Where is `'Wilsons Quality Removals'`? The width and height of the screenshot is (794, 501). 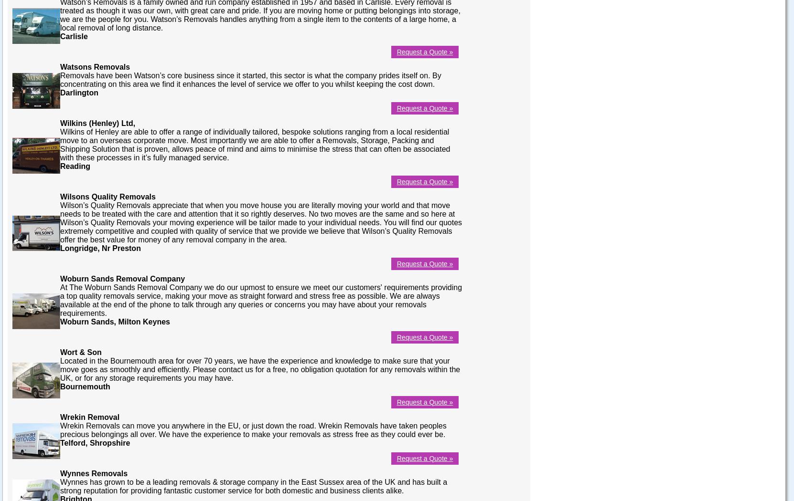
'Wilsons Quality Removals' is located at coordinates (60, 196).